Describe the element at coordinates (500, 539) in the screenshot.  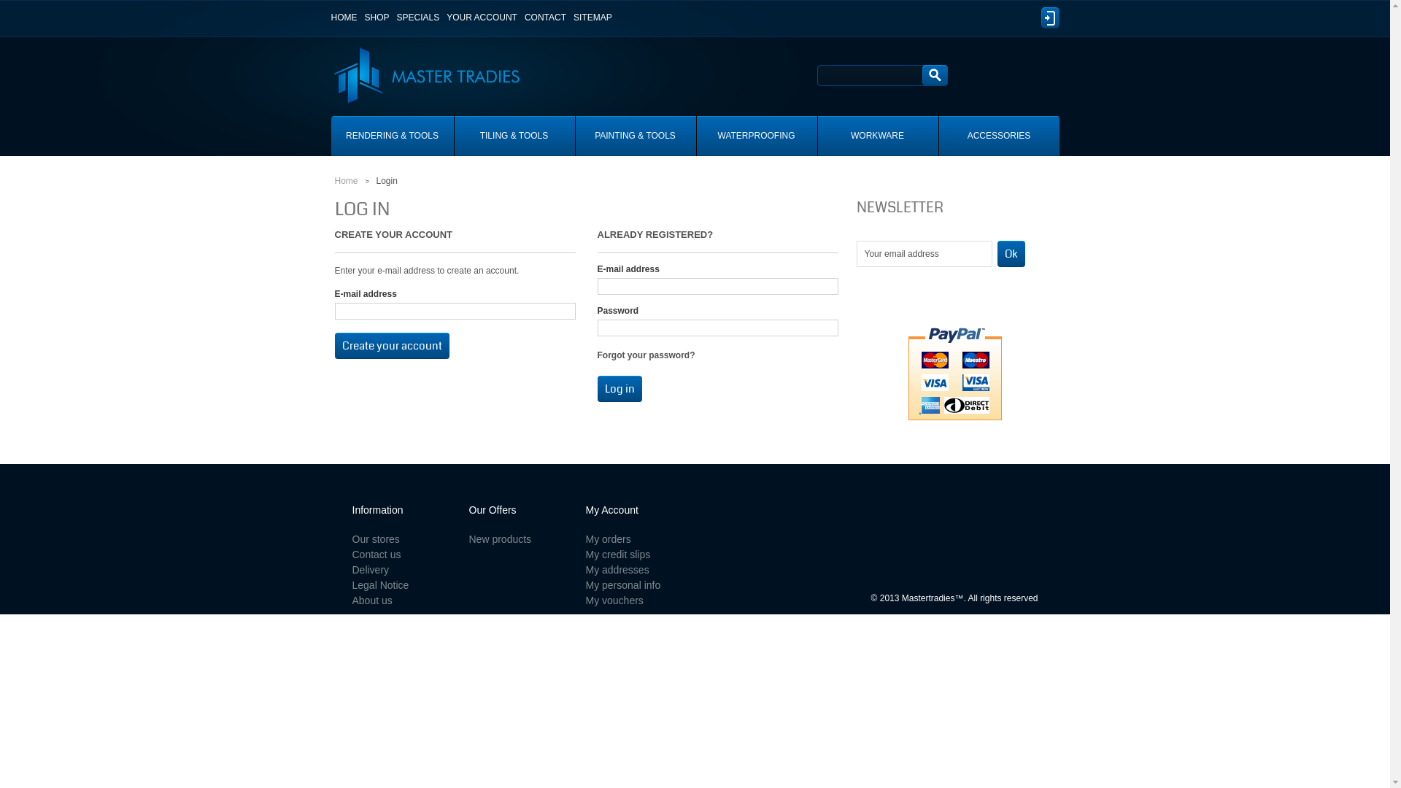
I see `'New products'` at that location.